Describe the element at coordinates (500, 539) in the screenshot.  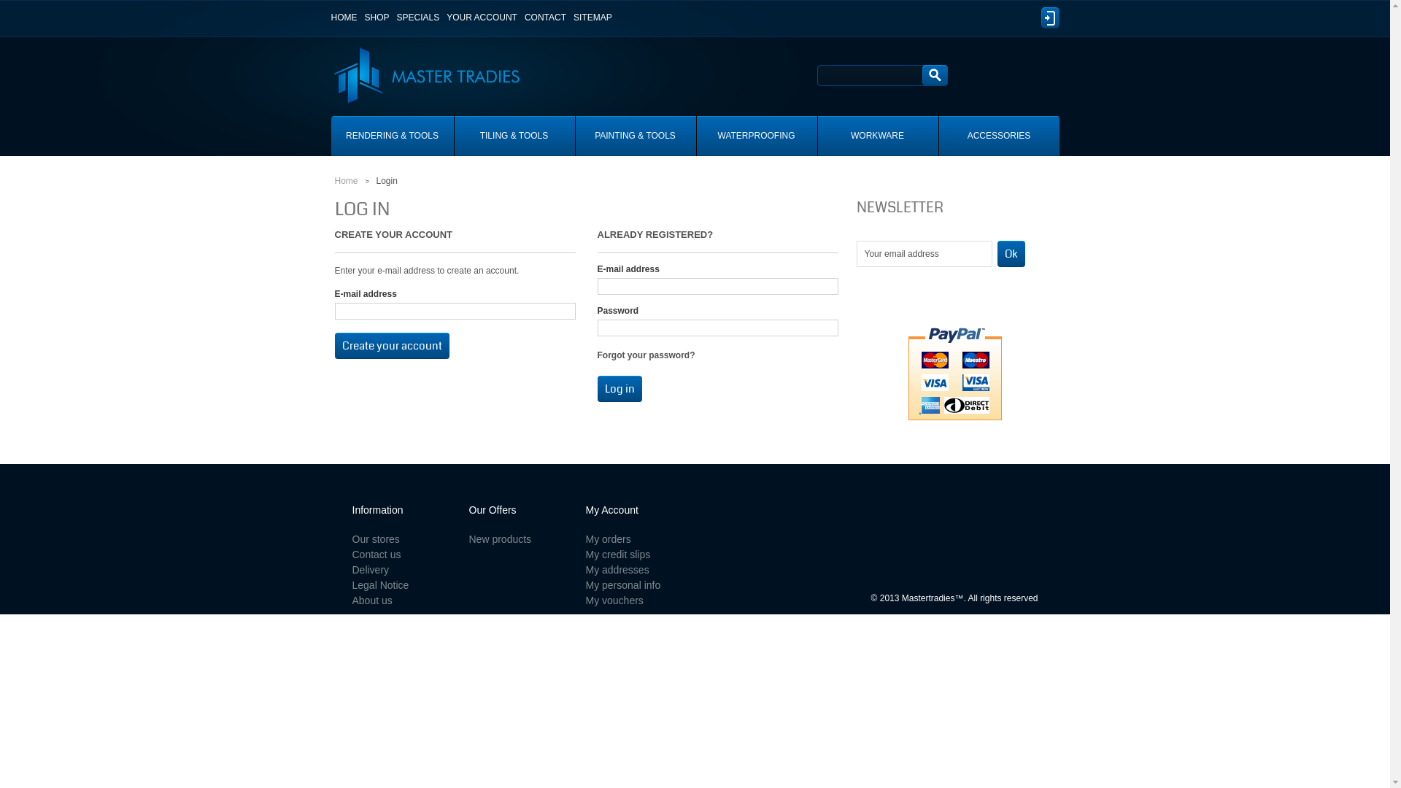
I see `'New products'` at that location.